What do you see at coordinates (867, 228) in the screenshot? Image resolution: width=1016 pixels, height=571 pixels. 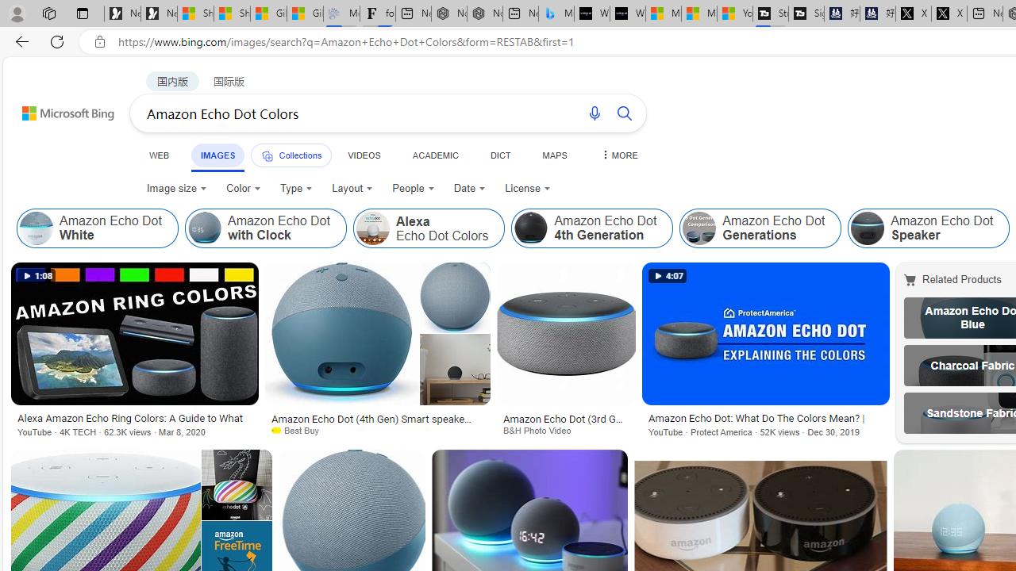 I see `'Amazon Echo Dot Speaker'` at bounding box center [867, 228].